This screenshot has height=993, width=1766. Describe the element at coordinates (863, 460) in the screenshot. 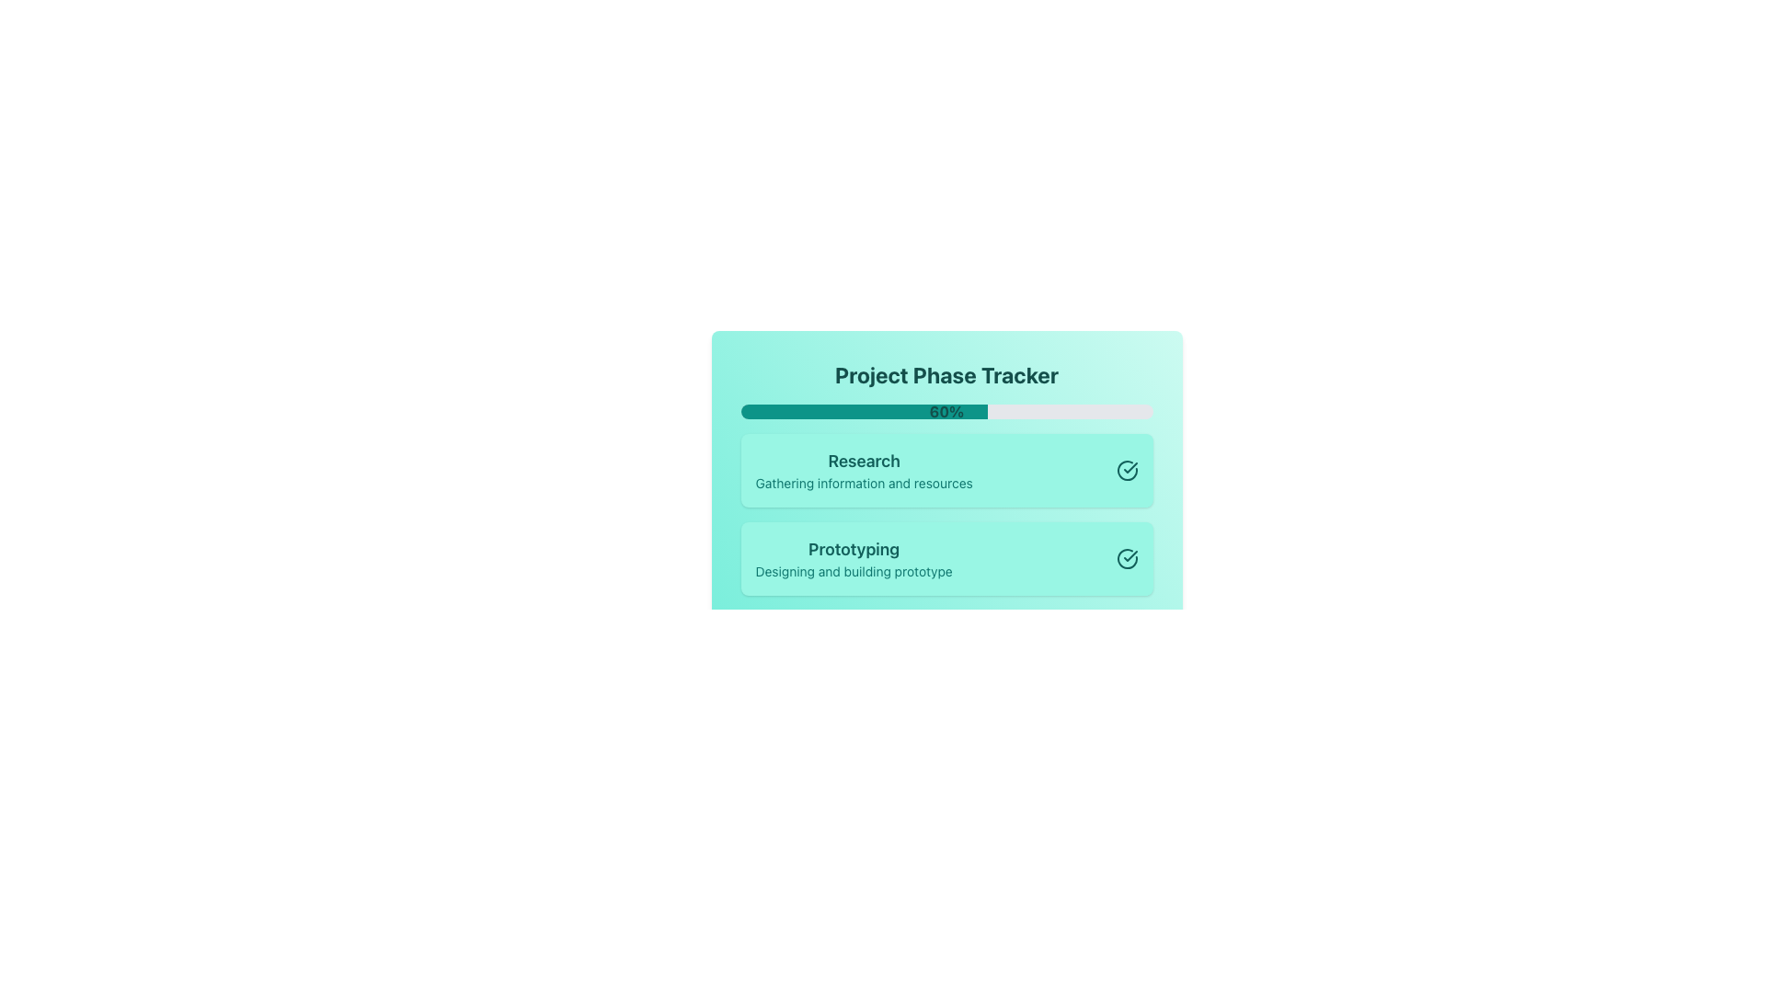

I see `the prominently displayed header text labeled 'Research', which is styled in bold teal font and located at the top of the first card in a vertically-stacked list` at that location.